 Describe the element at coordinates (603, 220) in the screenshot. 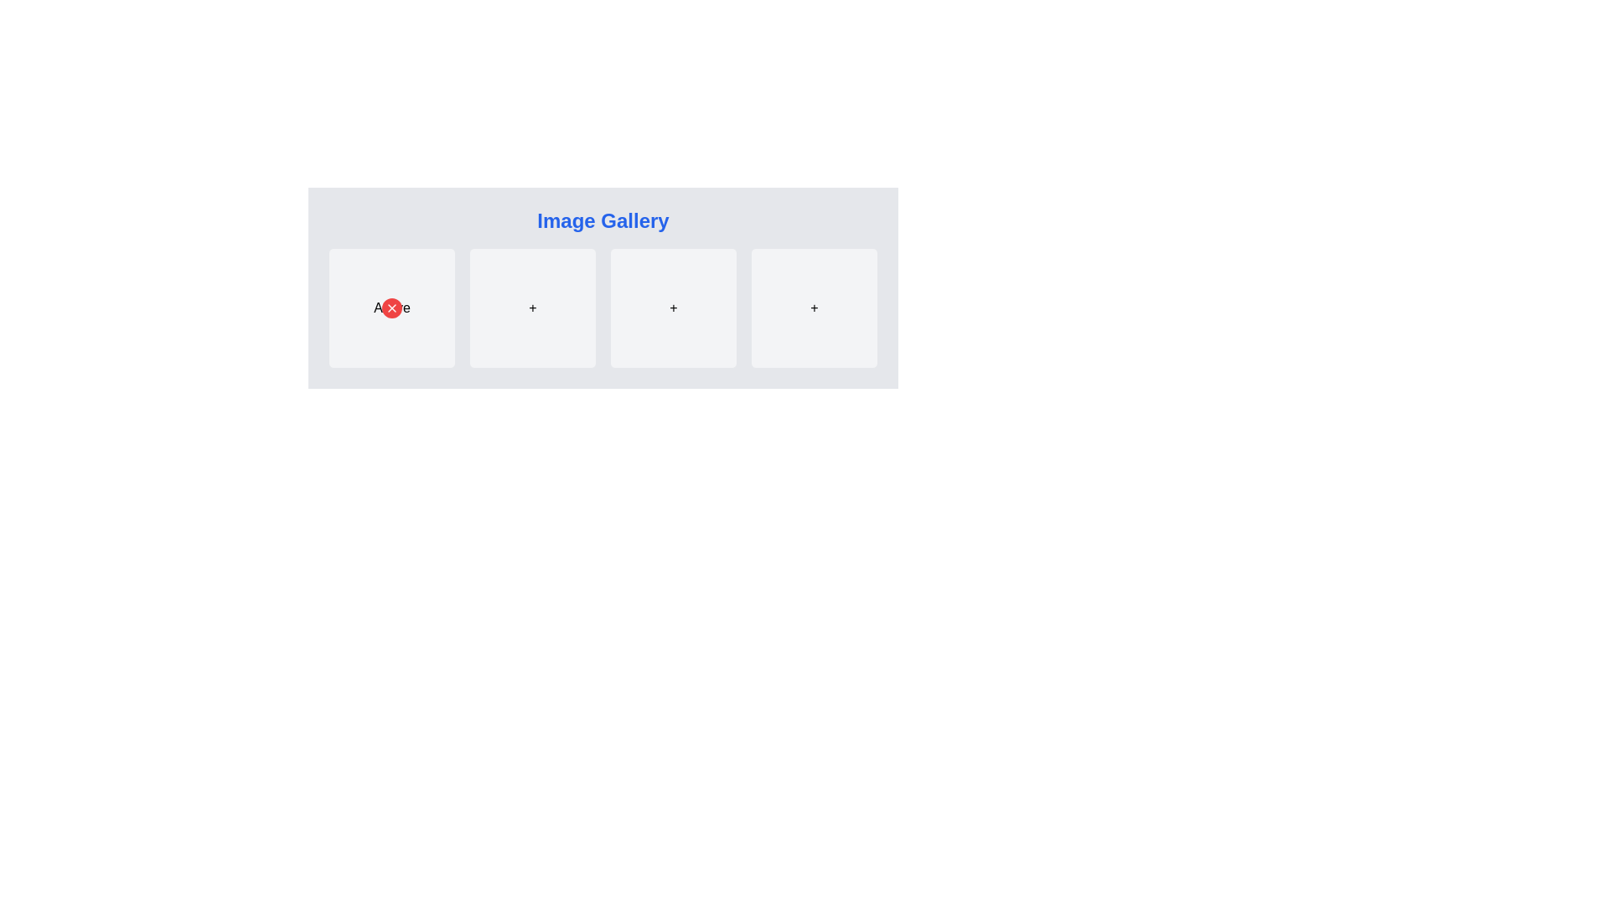

I see `Text Label that serves as a title or header above the clickable grid layout, providing contextual information to the user` at that location.